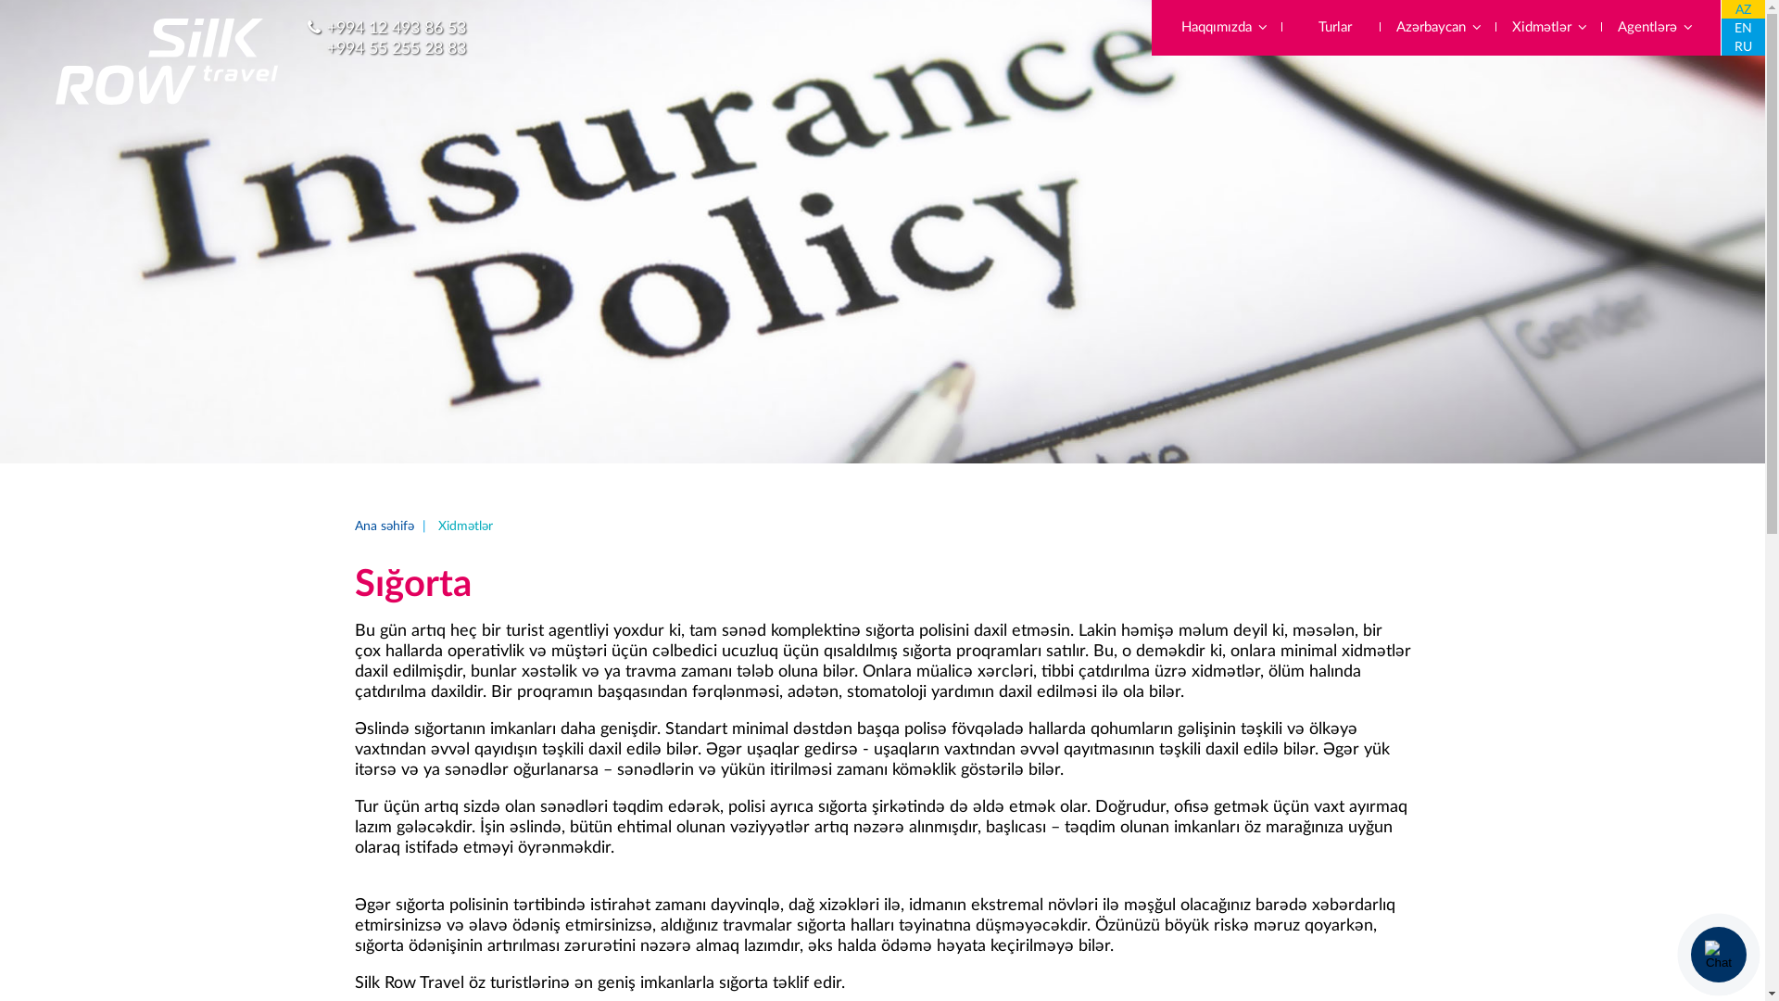 This screenshot has height=1001, width=1779. I want to click on '+994 55 255 28 83', so click(395, 48).